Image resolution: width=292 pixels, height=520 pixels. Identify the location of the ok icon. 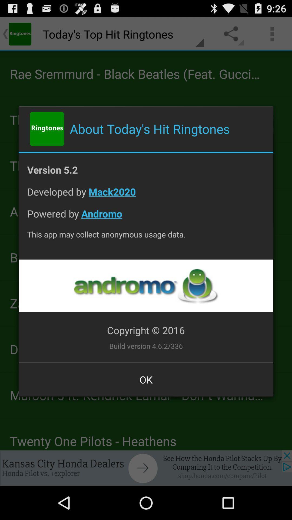
(146, 379).